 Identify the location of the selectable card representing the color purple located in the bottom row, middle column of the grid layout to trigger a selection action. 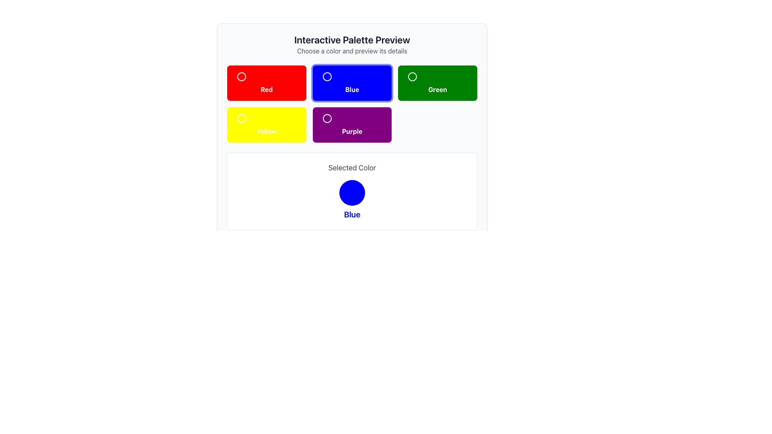
(352, 125).